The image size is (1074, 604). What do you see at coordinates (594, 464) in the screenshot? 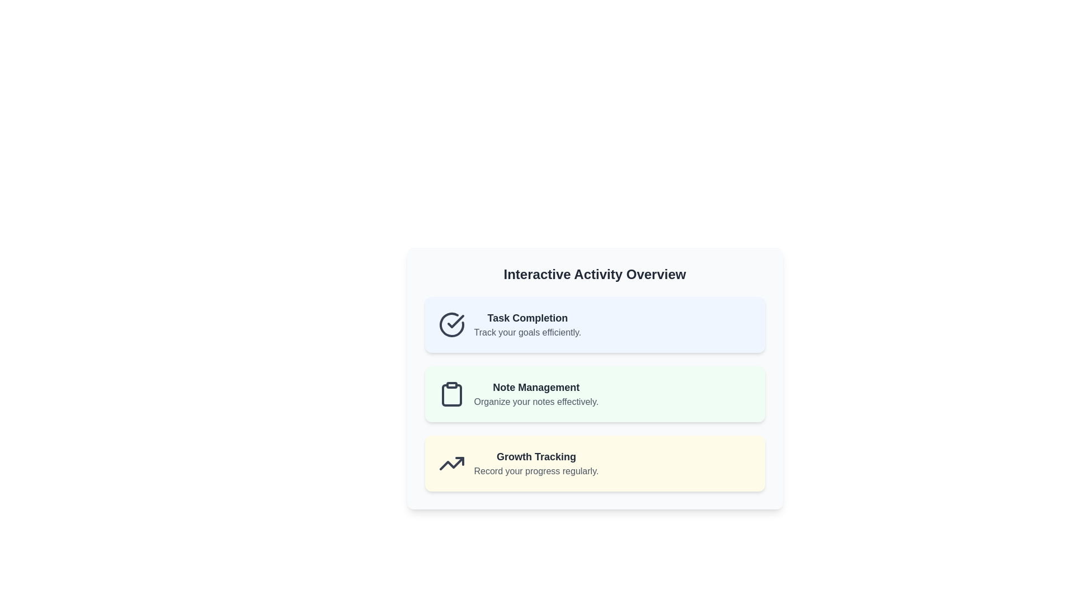
I see `the third card in the 'Interactive Activity Overview' section, which contains information about growth tracking and is positioned below the 'Note Management' card` at bounding box center [594, 464].